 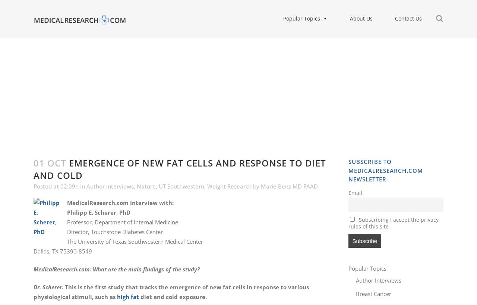 What do you see at coordinates (82, 186) in the screenshot?
I see `'in'` at bounding box center [82, 186].